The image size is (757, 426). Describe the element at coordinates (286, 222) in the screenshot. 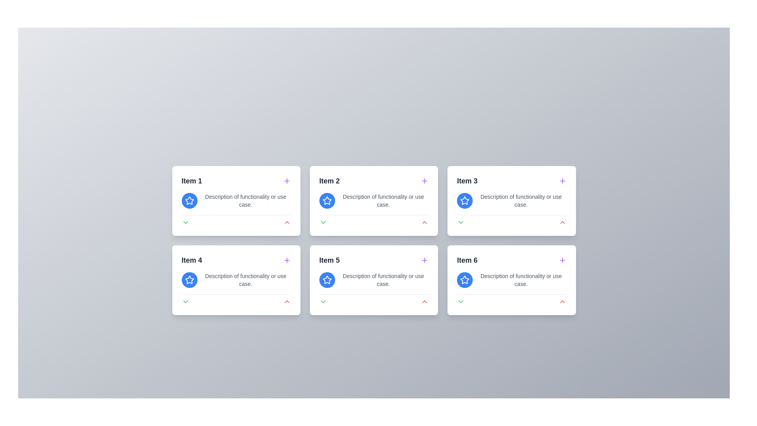

I see `the red upward-facing chevron icon located in the bottom-right corner of 'Item 2' for additional interaction effects` at that location.